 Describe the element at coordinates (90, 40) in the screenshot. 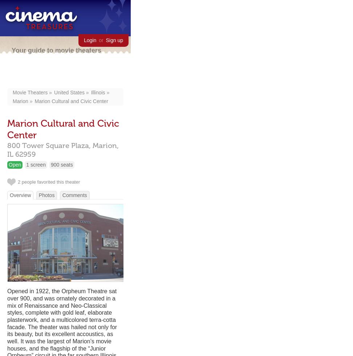

I see `'Login'` at that location.